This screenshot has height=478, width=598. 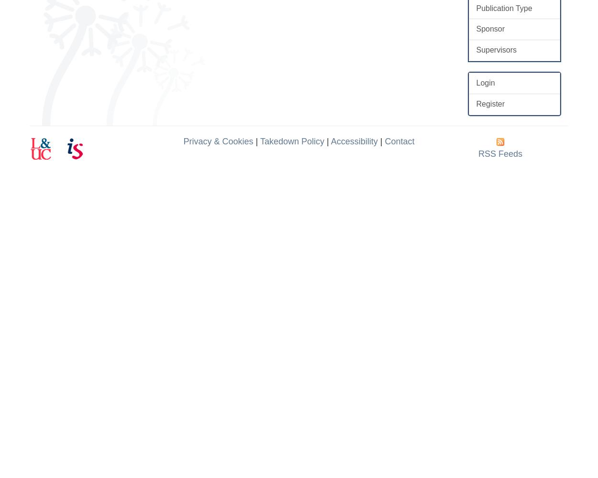 I want to click on 'Accessibility', so click(x=354, y=141).